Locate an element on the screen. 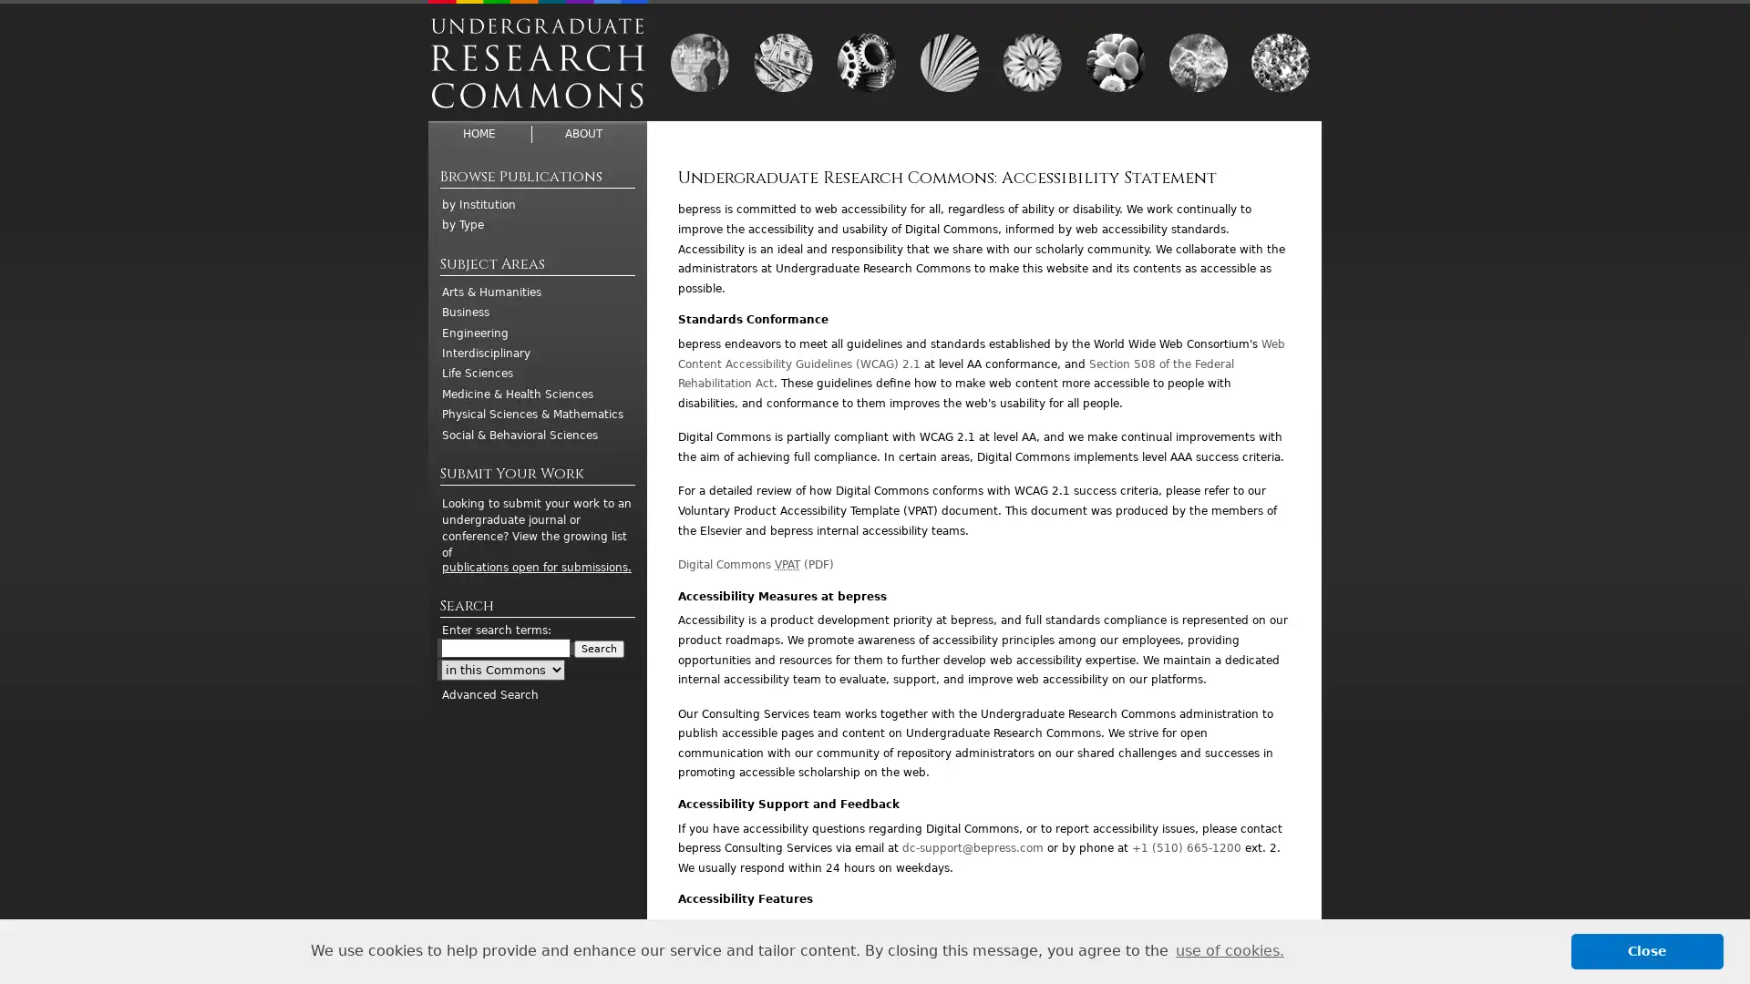 The height and width of the screenshot is (984, 1750). dismiss cookie message is located at coordinates (1647, 950).